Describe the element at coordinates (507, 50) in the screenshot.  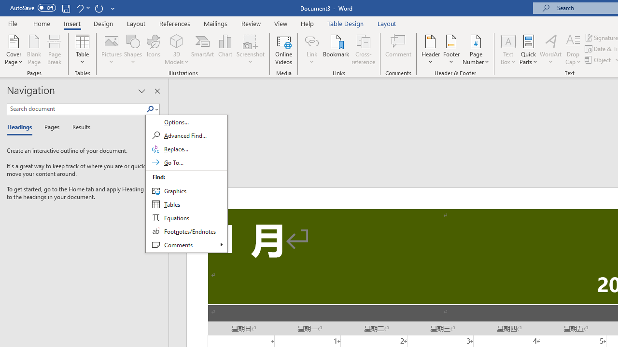
I see `'Text Box'` at that location.